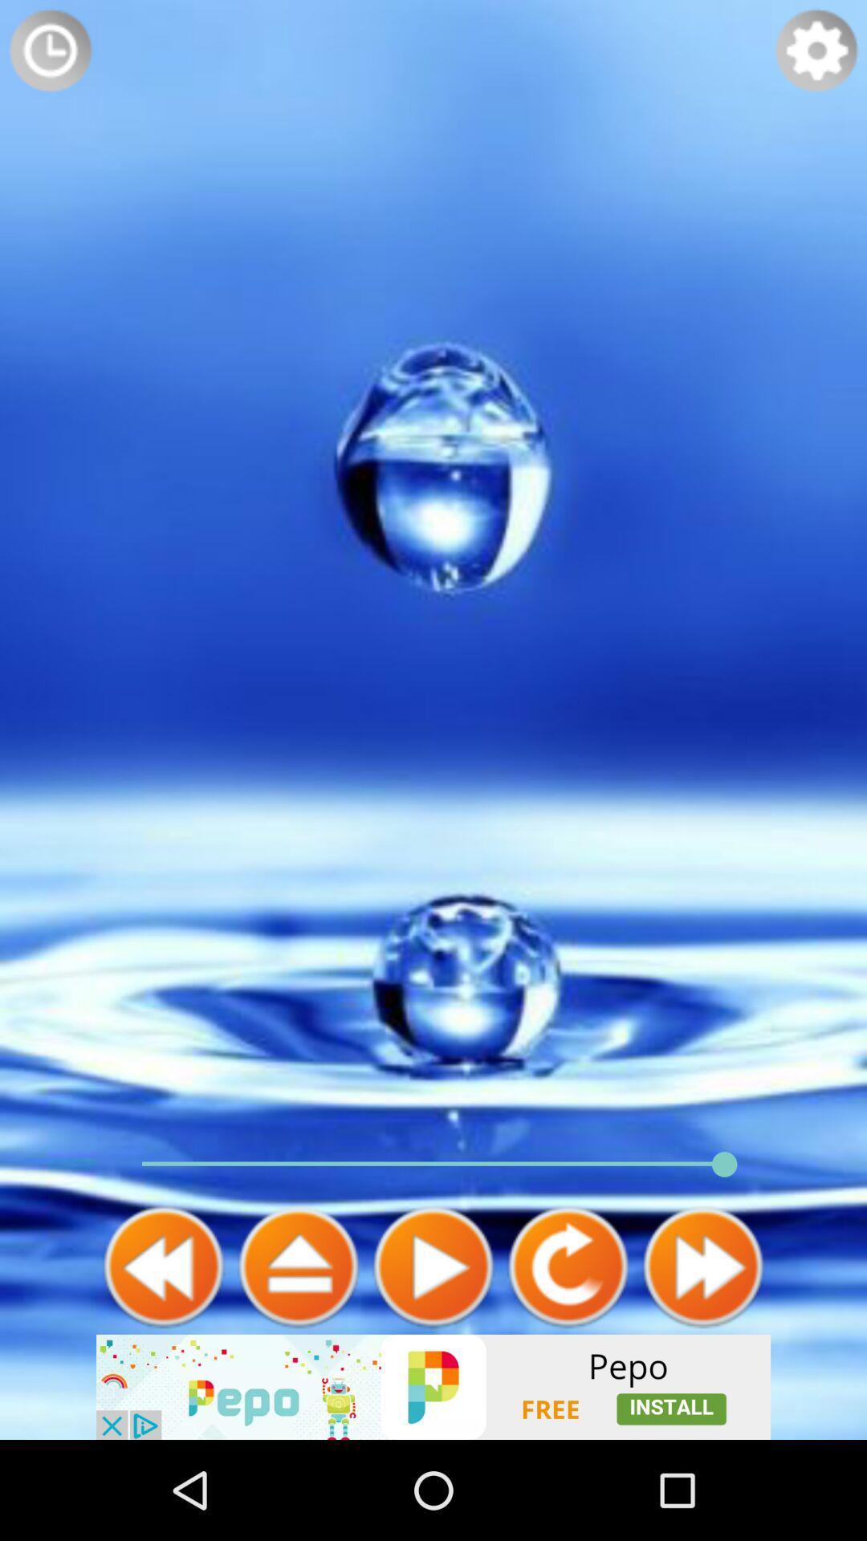 The image size is (867, 1541). What do you see at coordinates (433, 1266) in the screenshot?
I see `botton` at bounding box center [433, 1266].